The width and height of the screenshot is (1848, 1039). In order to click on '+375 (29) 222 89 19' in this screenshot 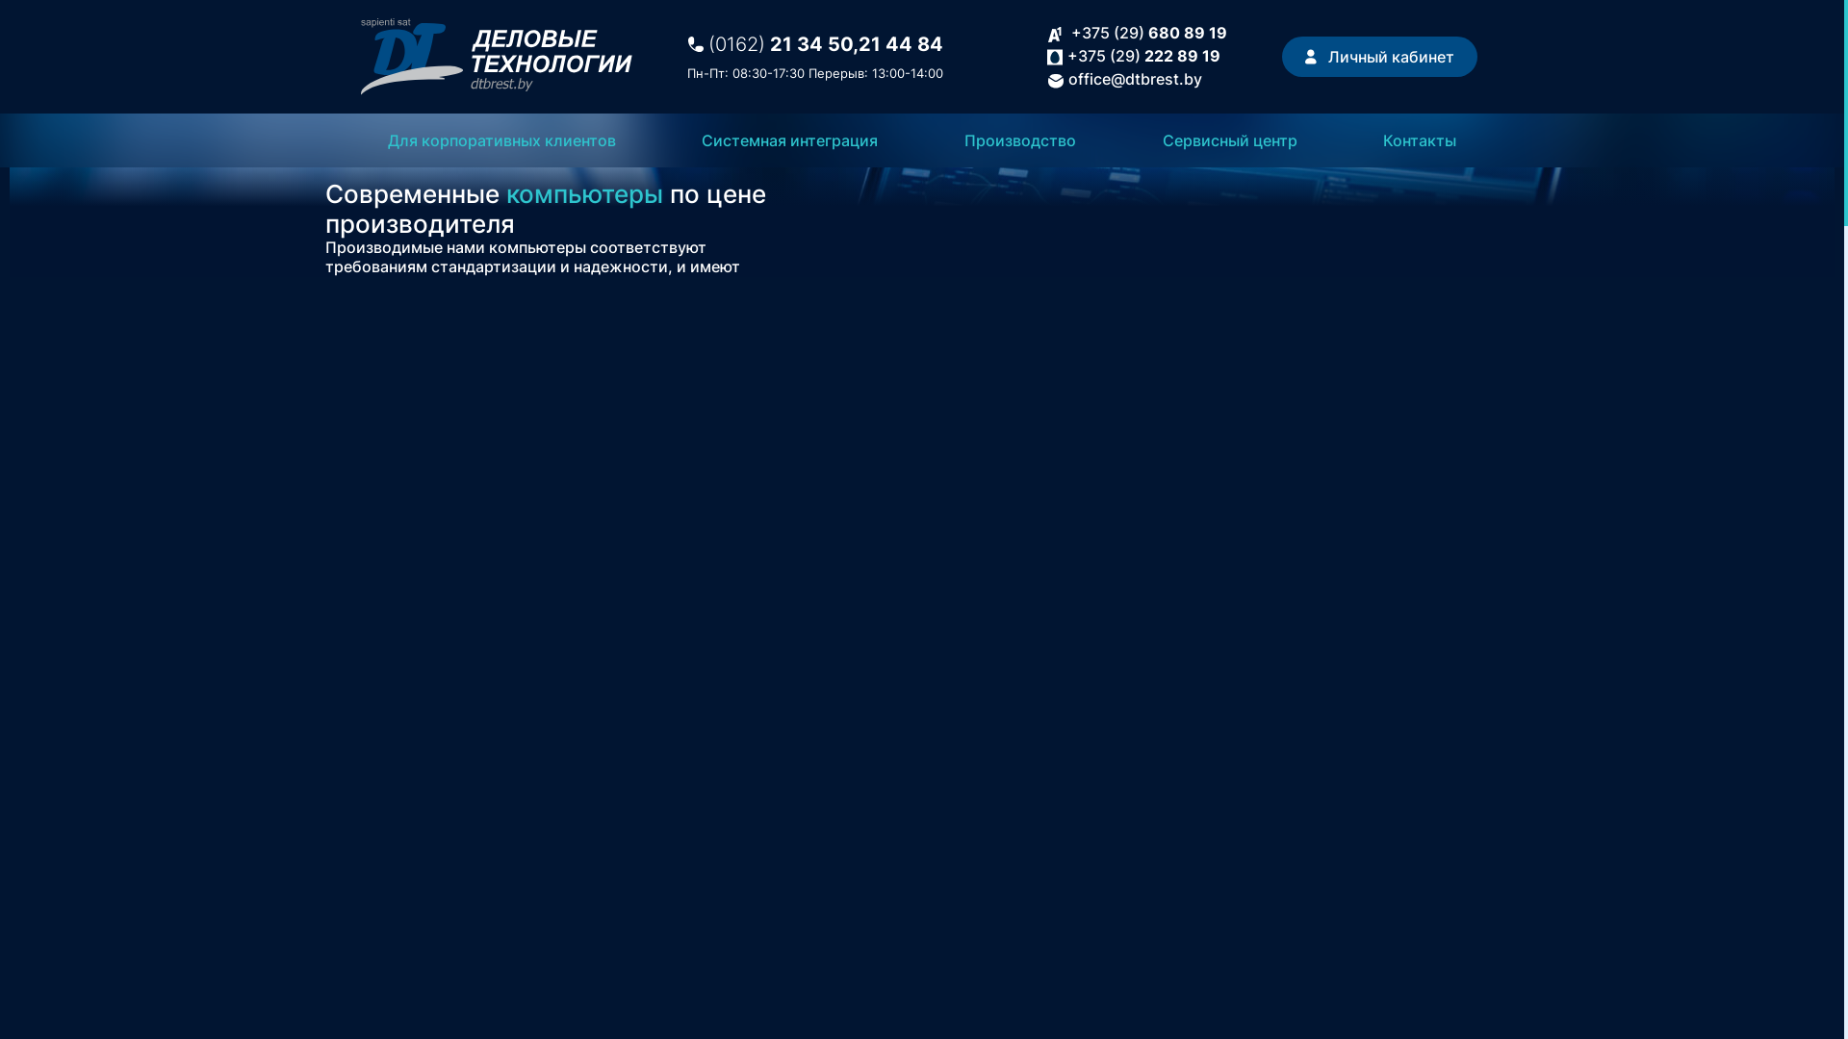, I will do `click(1143, 54)`.